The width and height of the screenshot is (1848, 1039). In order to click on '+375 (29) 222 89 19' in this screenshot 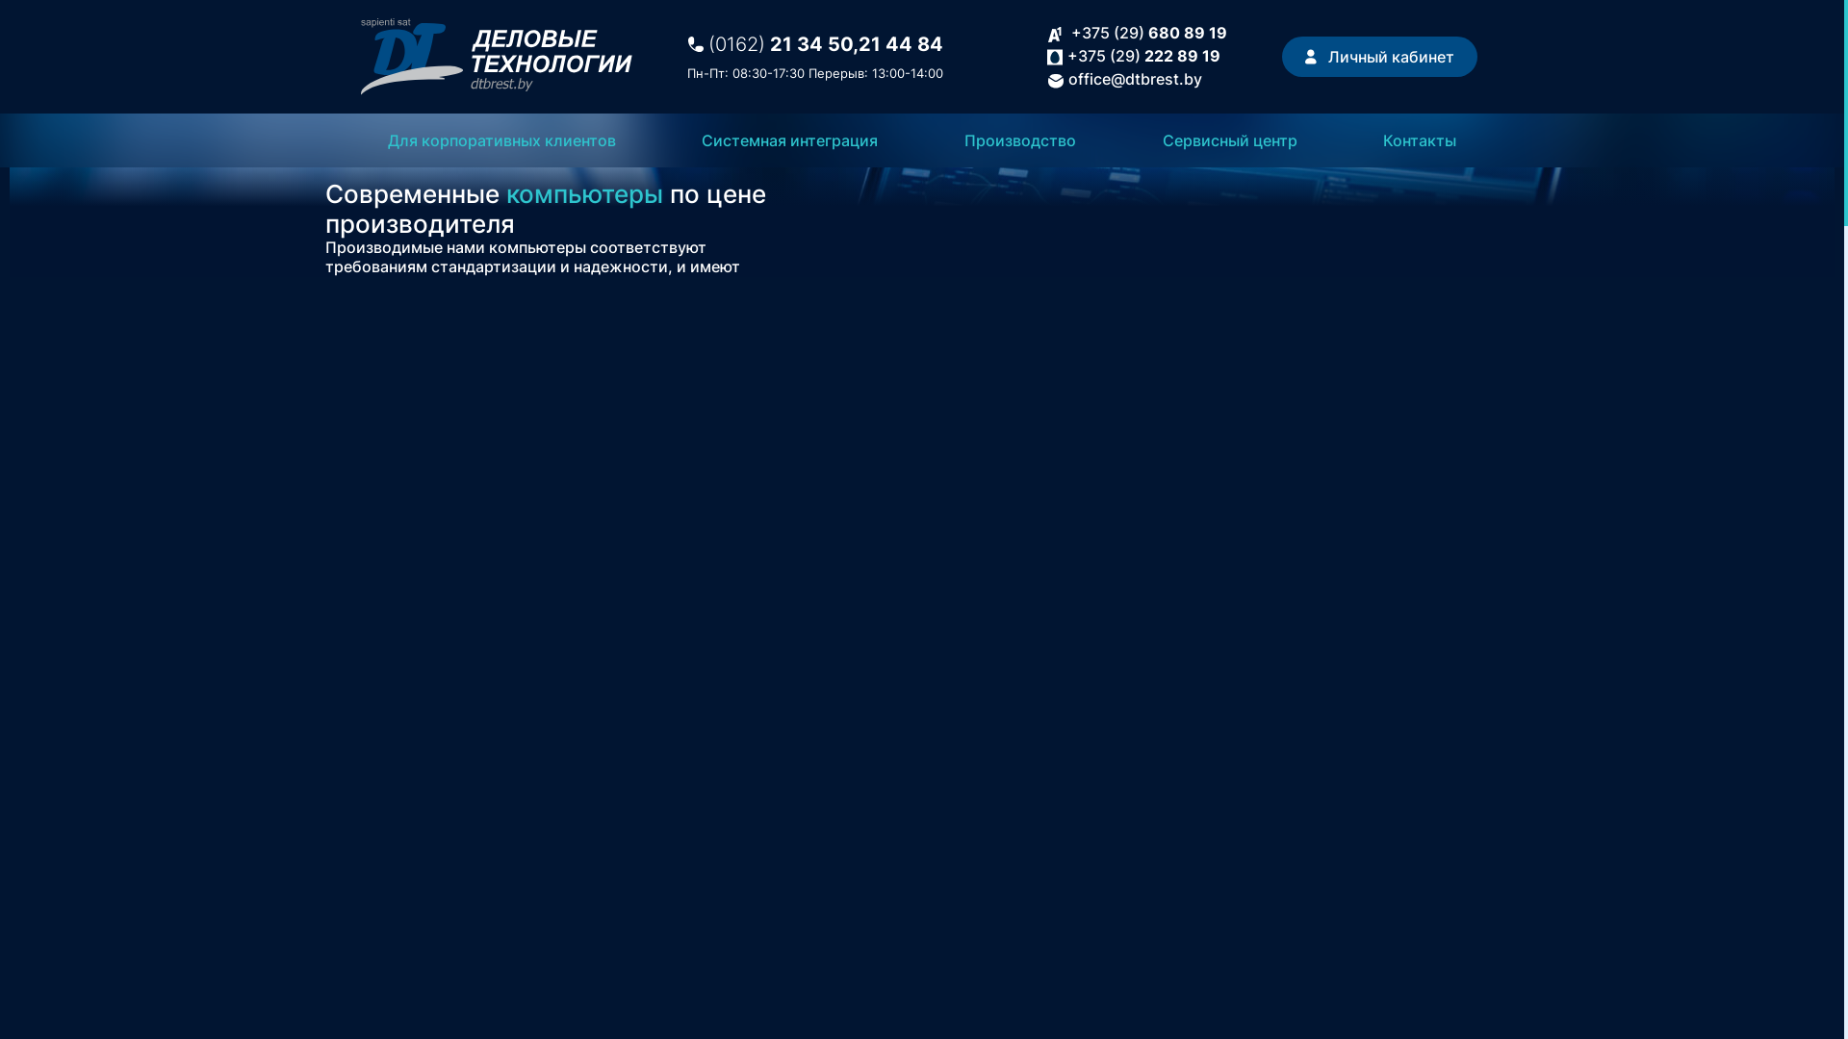, I will do `click(1143, 54)`.